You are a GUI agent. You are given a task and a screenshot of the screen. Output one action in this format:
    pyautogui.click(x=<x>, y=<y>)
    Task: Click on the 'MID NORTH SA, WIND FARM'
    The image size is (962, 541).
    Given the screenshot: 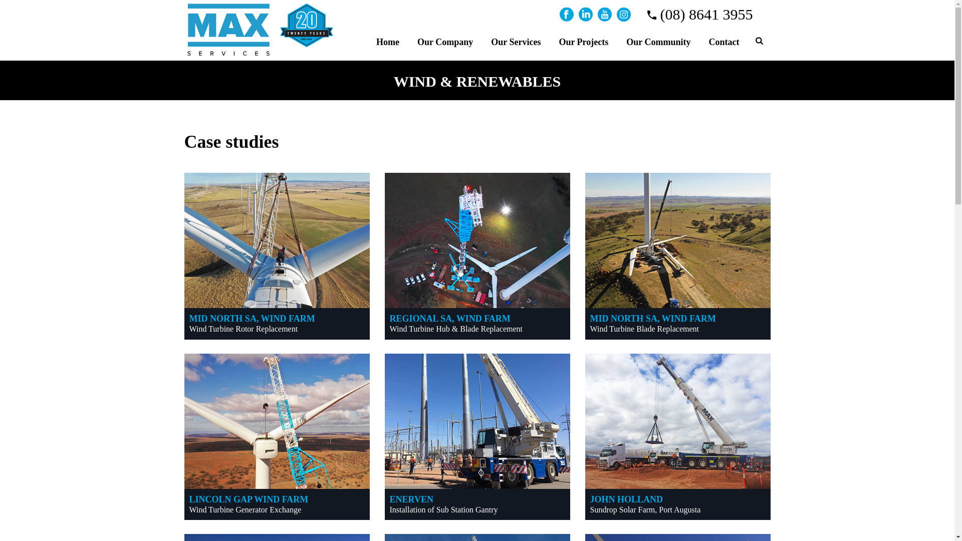 What is the action you would take?
    pyautogui.click(x=653, y=319)
    